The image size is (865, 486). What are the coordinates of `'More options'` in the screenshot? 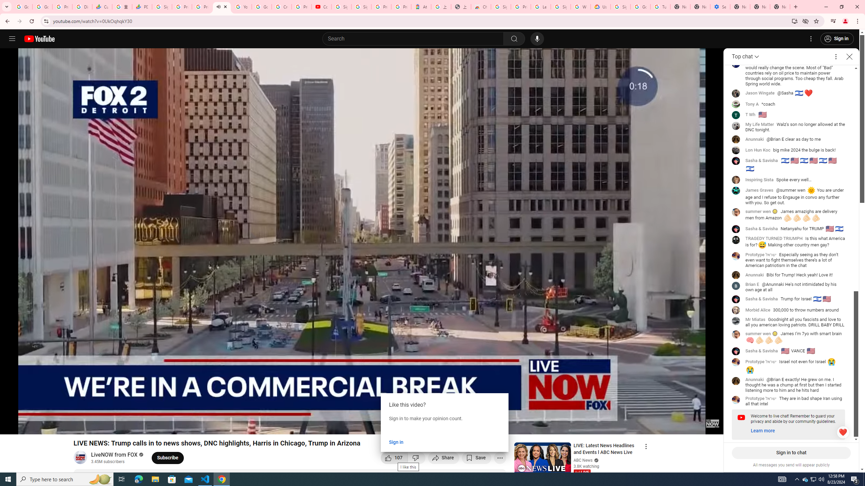 It's located at (836, 57).